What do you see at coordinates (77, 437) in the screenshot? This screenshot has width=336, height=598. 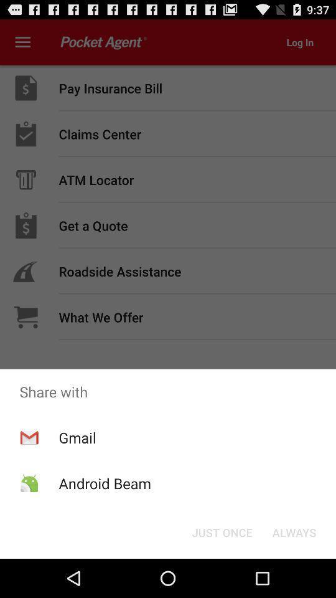 I see `icon below the share with` at bounding box center [77, 437].